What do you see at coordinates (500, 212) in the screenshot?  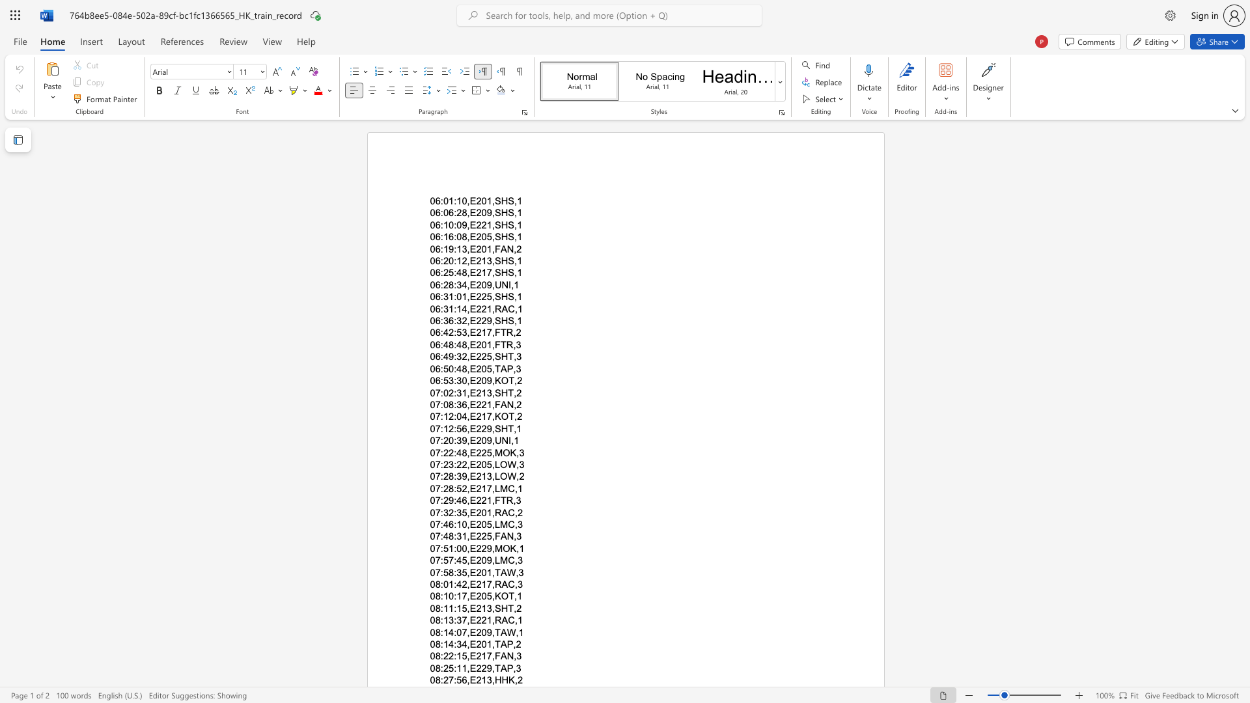 I see `the subset text "HS," within the text "06:06:28,E209,SHS,1"` at bounding box center [500, 212].